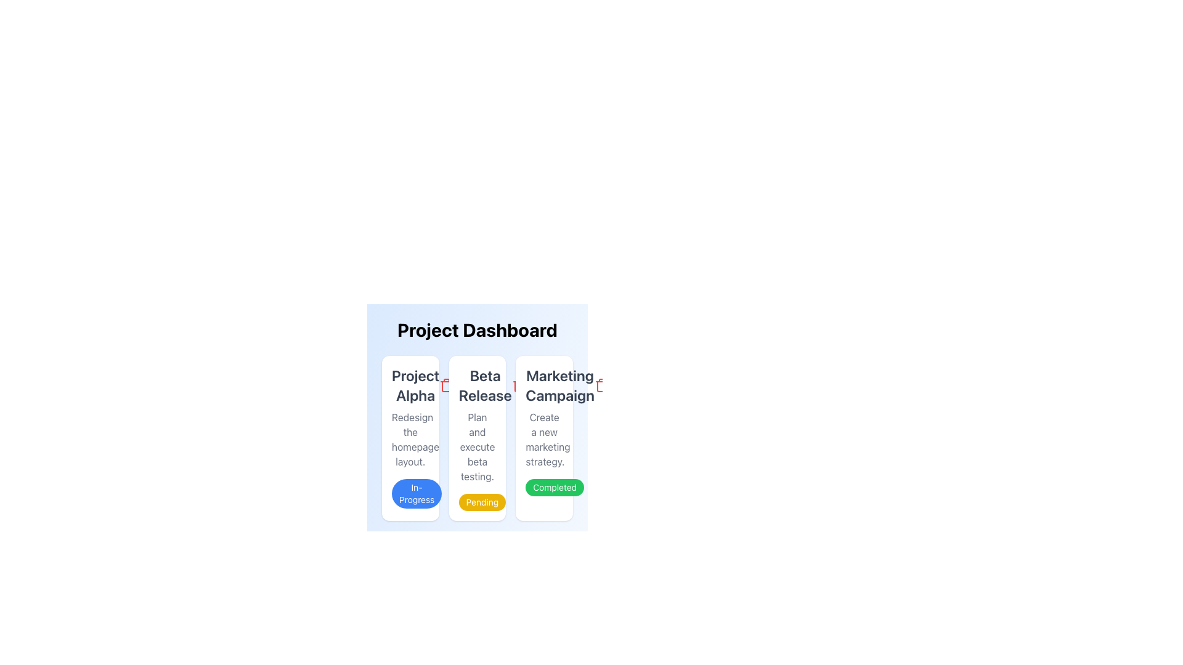  I want to click on the status badge indicating that the project 'Project Alpha' is currently in progress, located beneath the text 'Redesign the homepage layout.', so click(417, 493).